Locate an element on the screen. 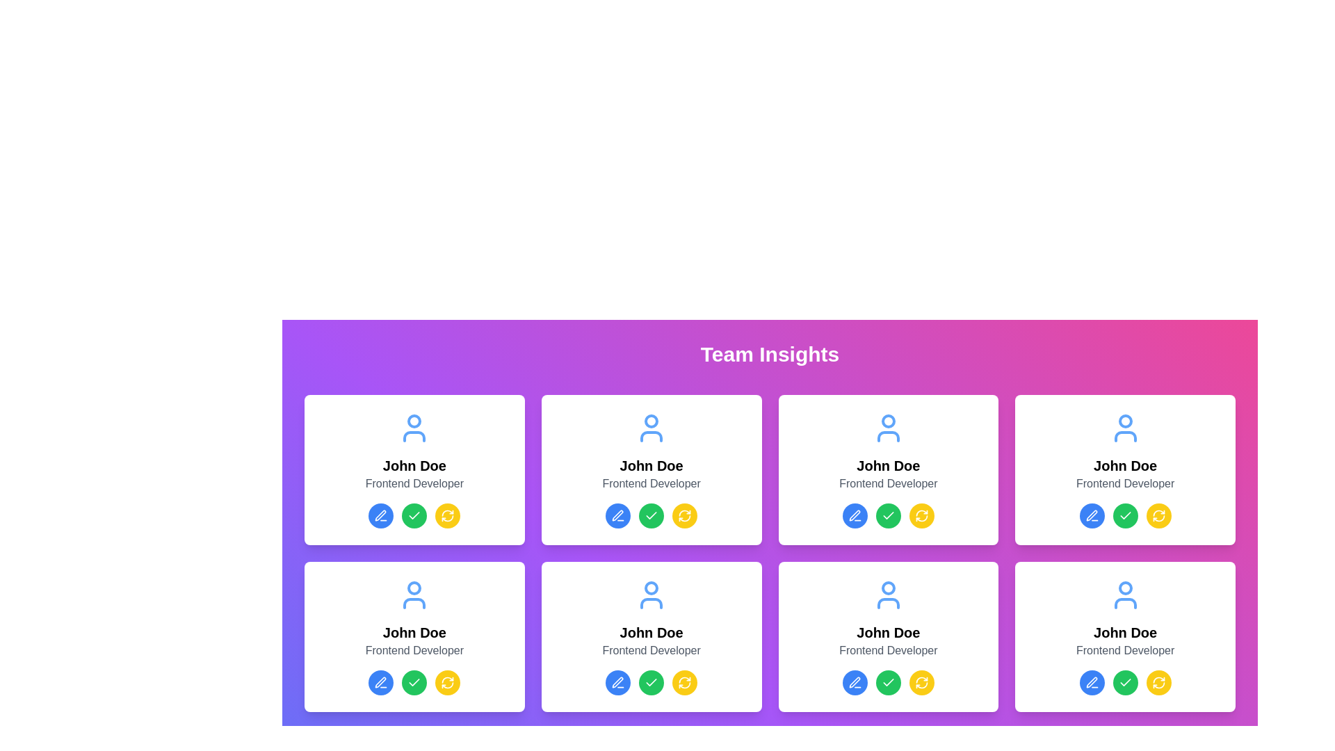  the small filled SVG circle element that is centrally aligned at the top part of a user icon within a card layout is located at coordinates (414, 588).